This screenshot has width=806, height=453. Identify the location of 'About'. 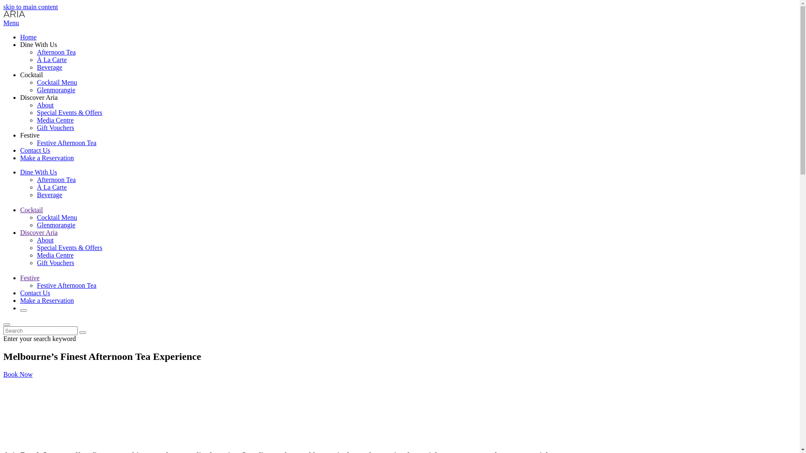
(44, 240).